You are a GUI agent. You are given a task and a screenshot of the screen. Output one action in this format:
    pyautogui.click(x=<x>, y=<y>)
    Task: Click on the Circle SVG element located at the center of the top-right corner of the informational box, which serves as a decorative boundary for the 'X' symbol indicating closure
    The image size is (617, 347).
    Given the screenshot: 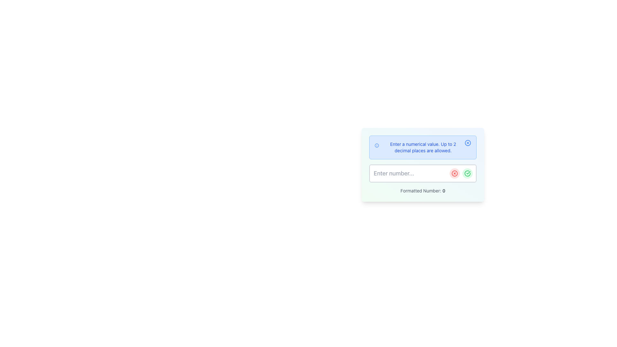 What is the action you would take?
    pyautogui.click(x=468, y=142)
    